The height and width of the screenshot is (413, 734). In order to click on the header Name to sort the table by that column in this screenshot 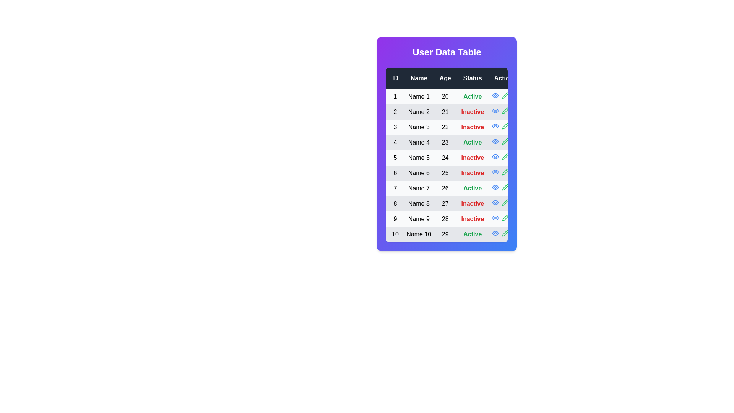, I will do `click(418, 78)`.